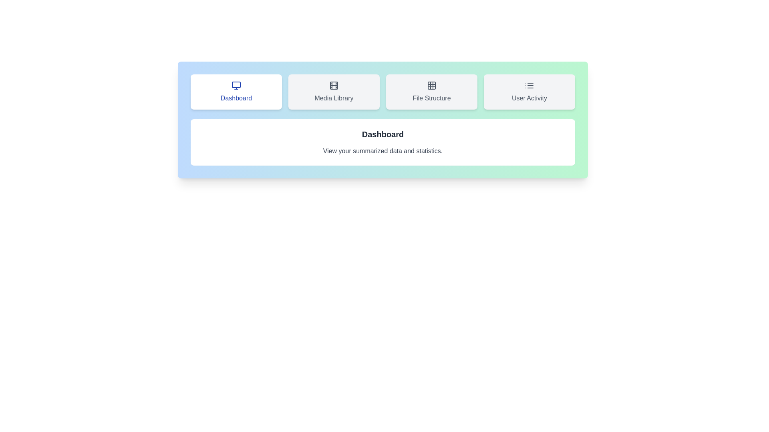 This screenshot has height=432, width=769. What do you see at coordinates (431, 92) in the screenshot?
I see `the 'File Structure' tab to activate it` at bounding box center [431, 92].